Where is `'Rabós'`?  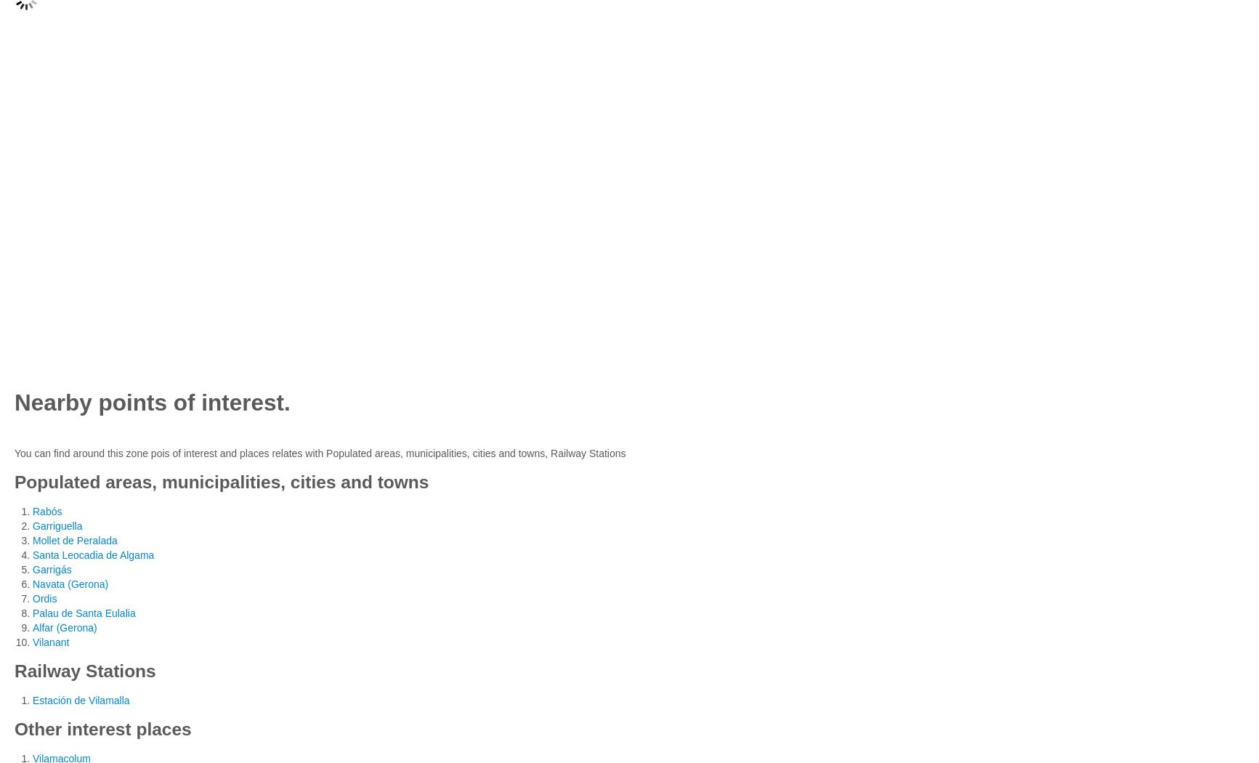
'Rabós' is located at coordinates (46, 510).